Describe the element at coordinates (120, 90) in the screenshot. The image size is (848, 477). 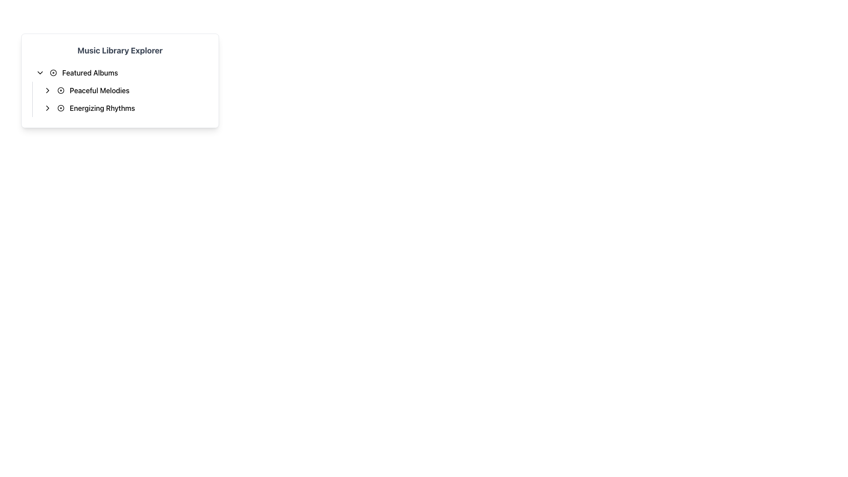
I see `the 'Peaceful Melodies' album entry under the 'Featured Albums' section in the Music Library Explorer` at that location.